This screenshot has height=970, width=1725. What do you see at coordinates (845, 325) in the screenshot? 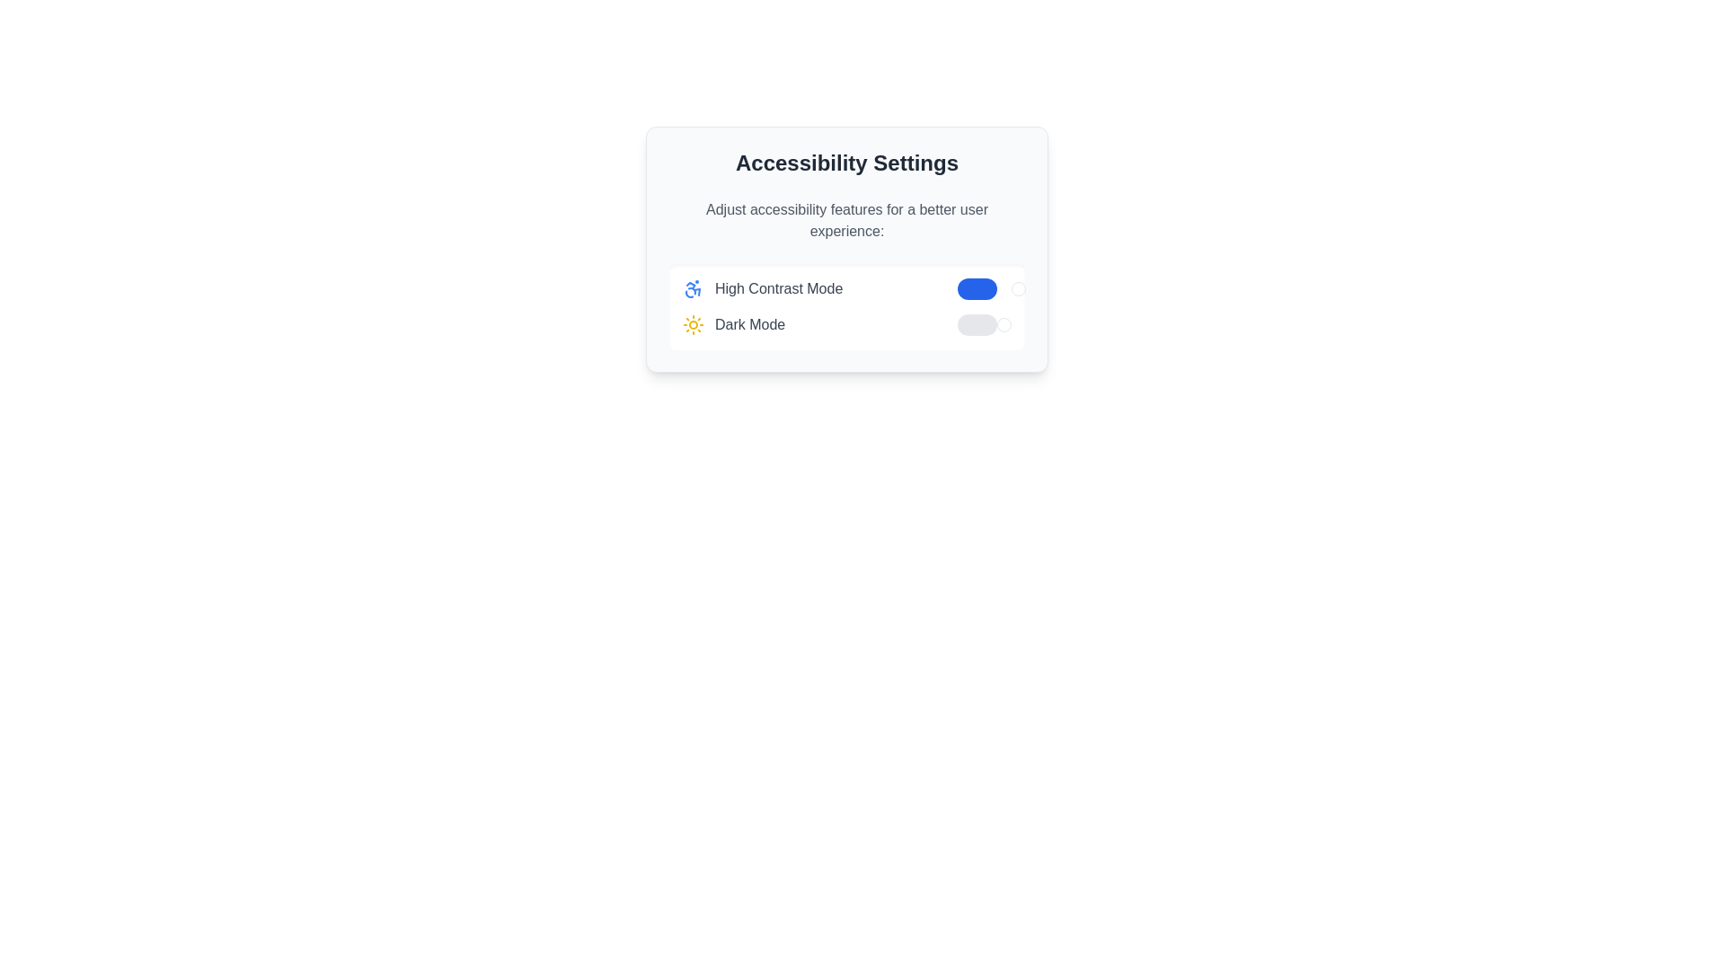
I see `the Toggle setting option for Dark Mode located in the 'Accessibility Settings' card` at bounding box center [845, 325].